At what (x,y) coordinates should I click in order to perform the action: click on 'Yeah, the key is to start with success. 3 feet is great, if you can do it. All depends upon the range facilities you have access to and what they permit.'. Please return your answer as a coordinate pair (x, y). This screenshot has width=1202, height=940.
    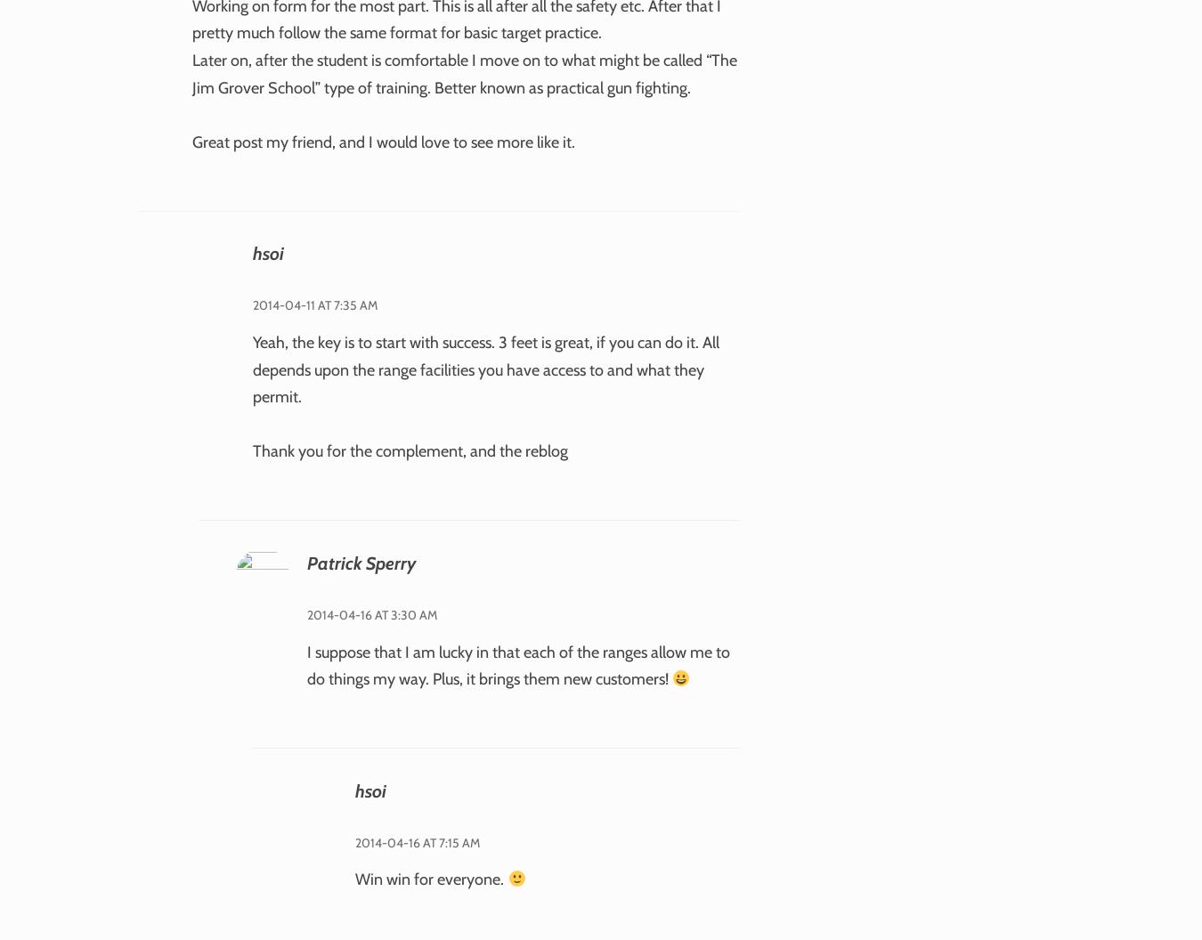
    Looking at the image, I should click on (250, 369).